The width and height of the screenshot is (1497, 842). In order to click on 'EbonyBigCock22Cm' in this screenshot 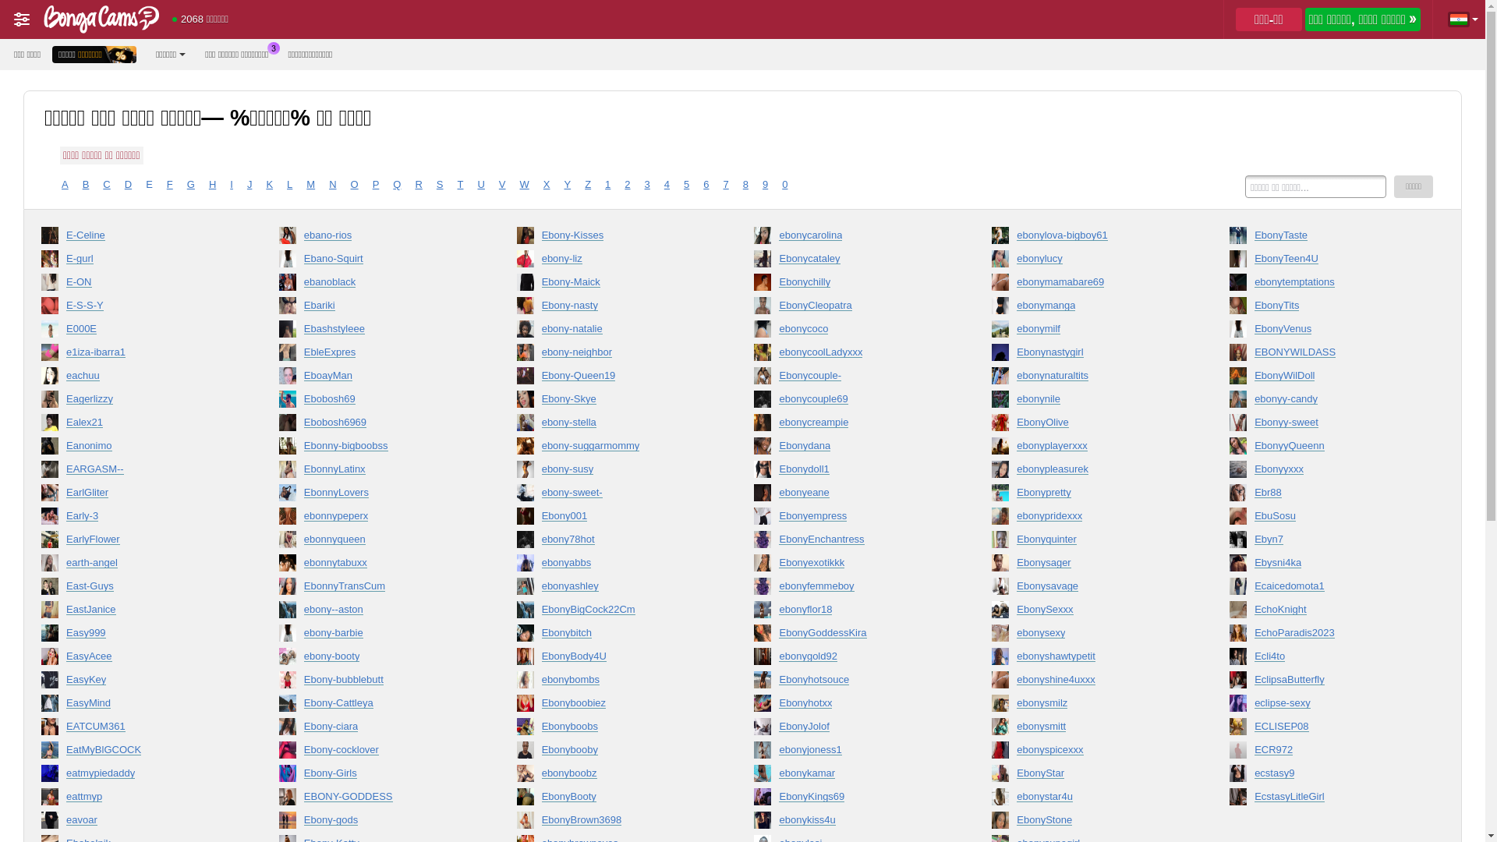, I will do `click(613, 612)`.